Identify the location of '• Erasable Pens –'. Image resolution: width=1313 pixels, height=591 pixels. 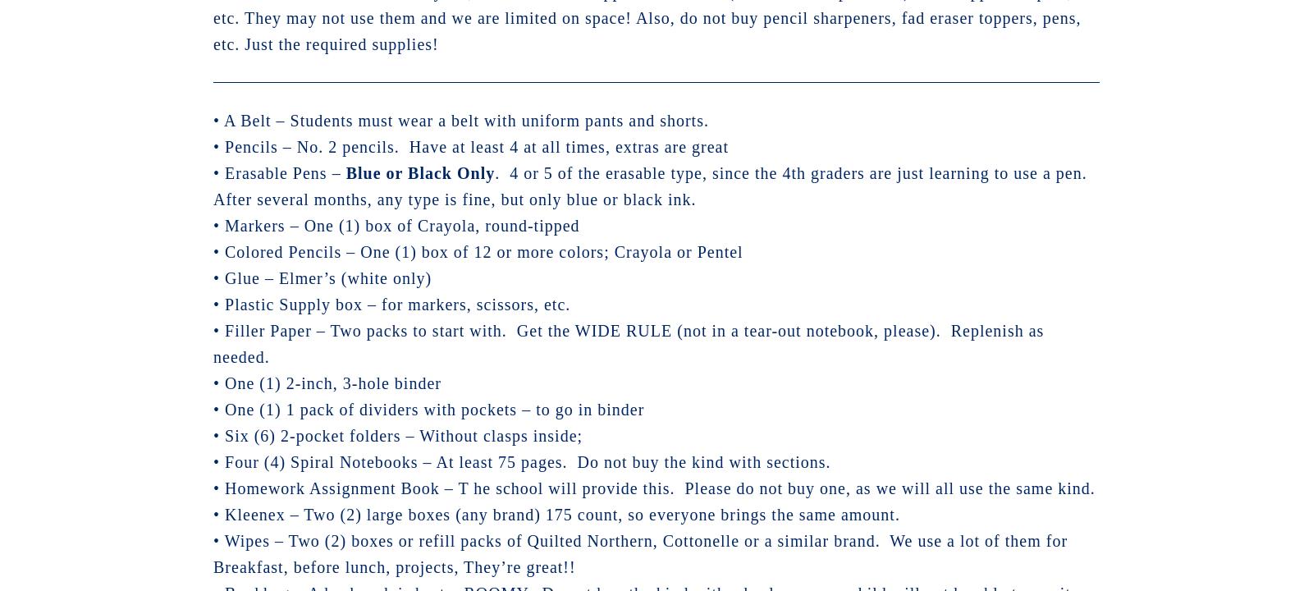
(279, 172).